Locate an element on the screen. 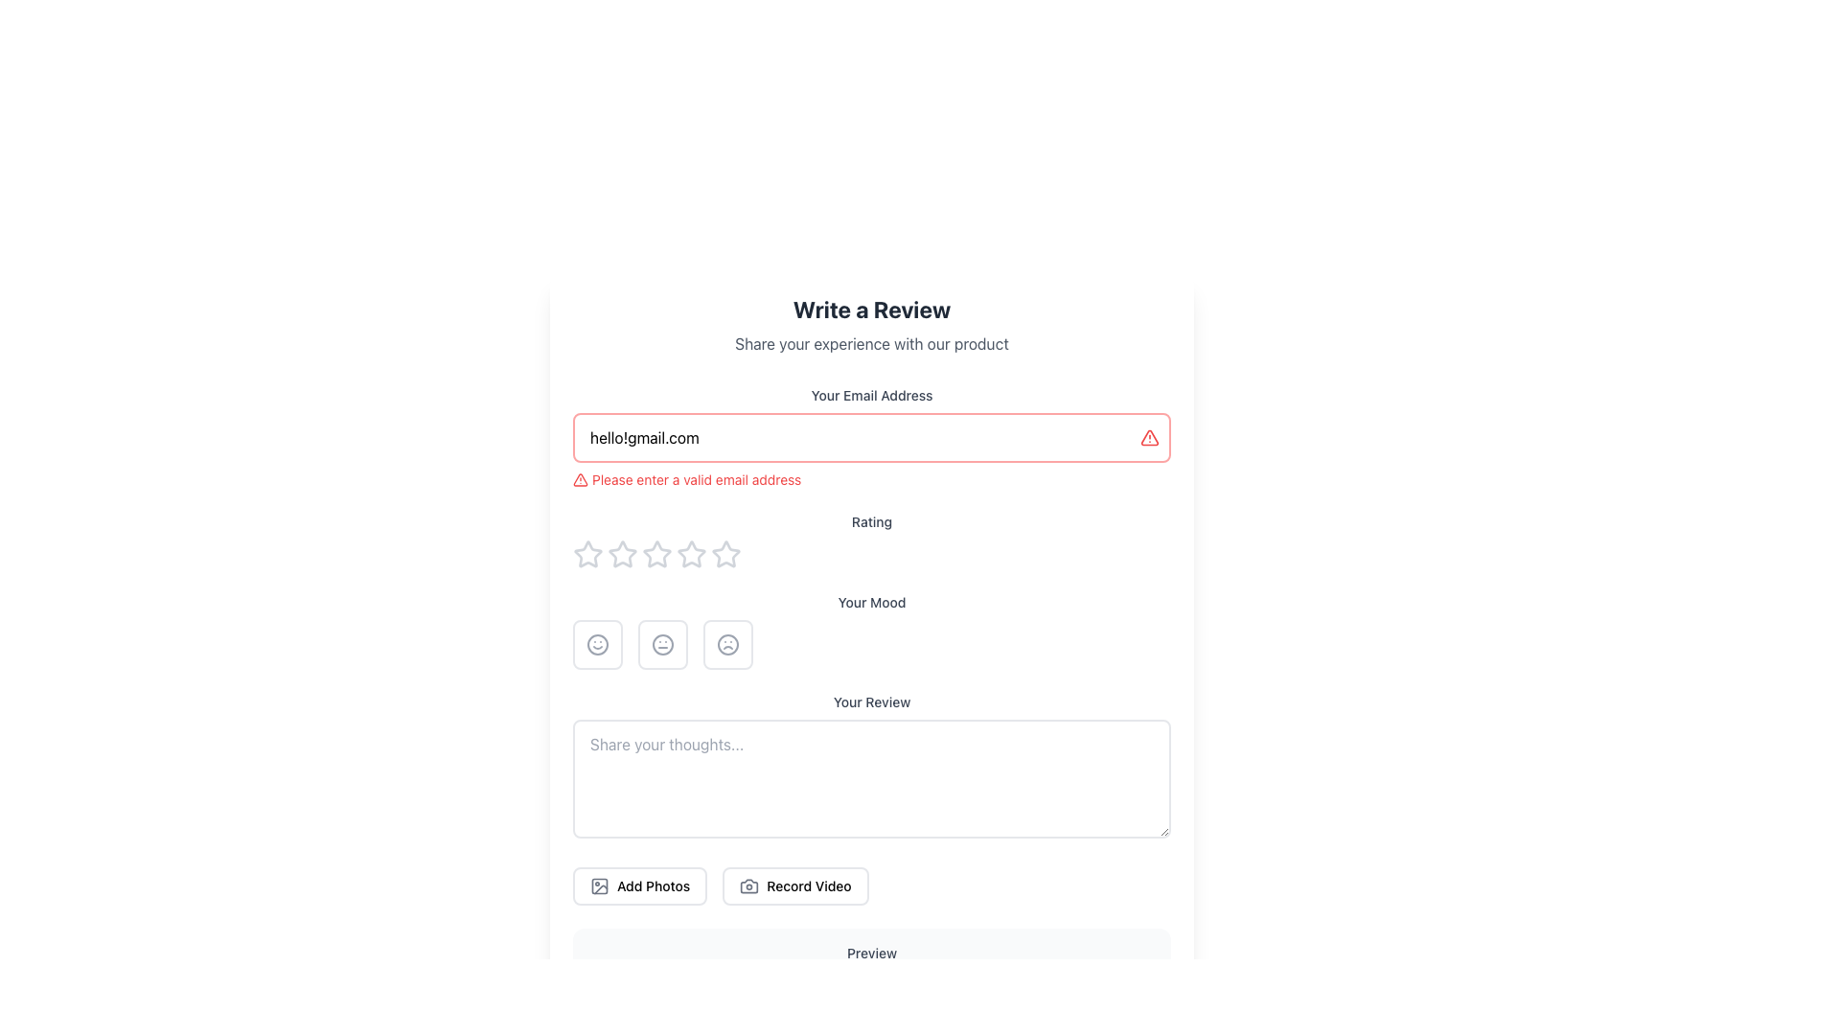 The height and width of the screenshot is (1035, 1840). the second star icon in the rating bar by sending keyboard input since it is focusable is located at coordinates (622, 554).